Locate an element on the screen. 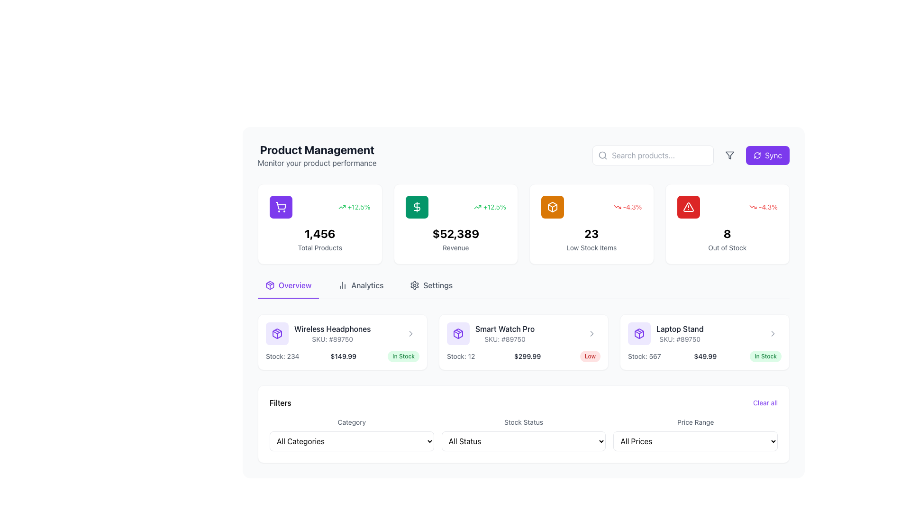 Image resolution: width=910 pixels, height=512 pixels. the critical alert icon indicating out-of-stock items located in the fourth panel of summary cards, positioned to the right of the text '8' is located at coordinates (688, 206).